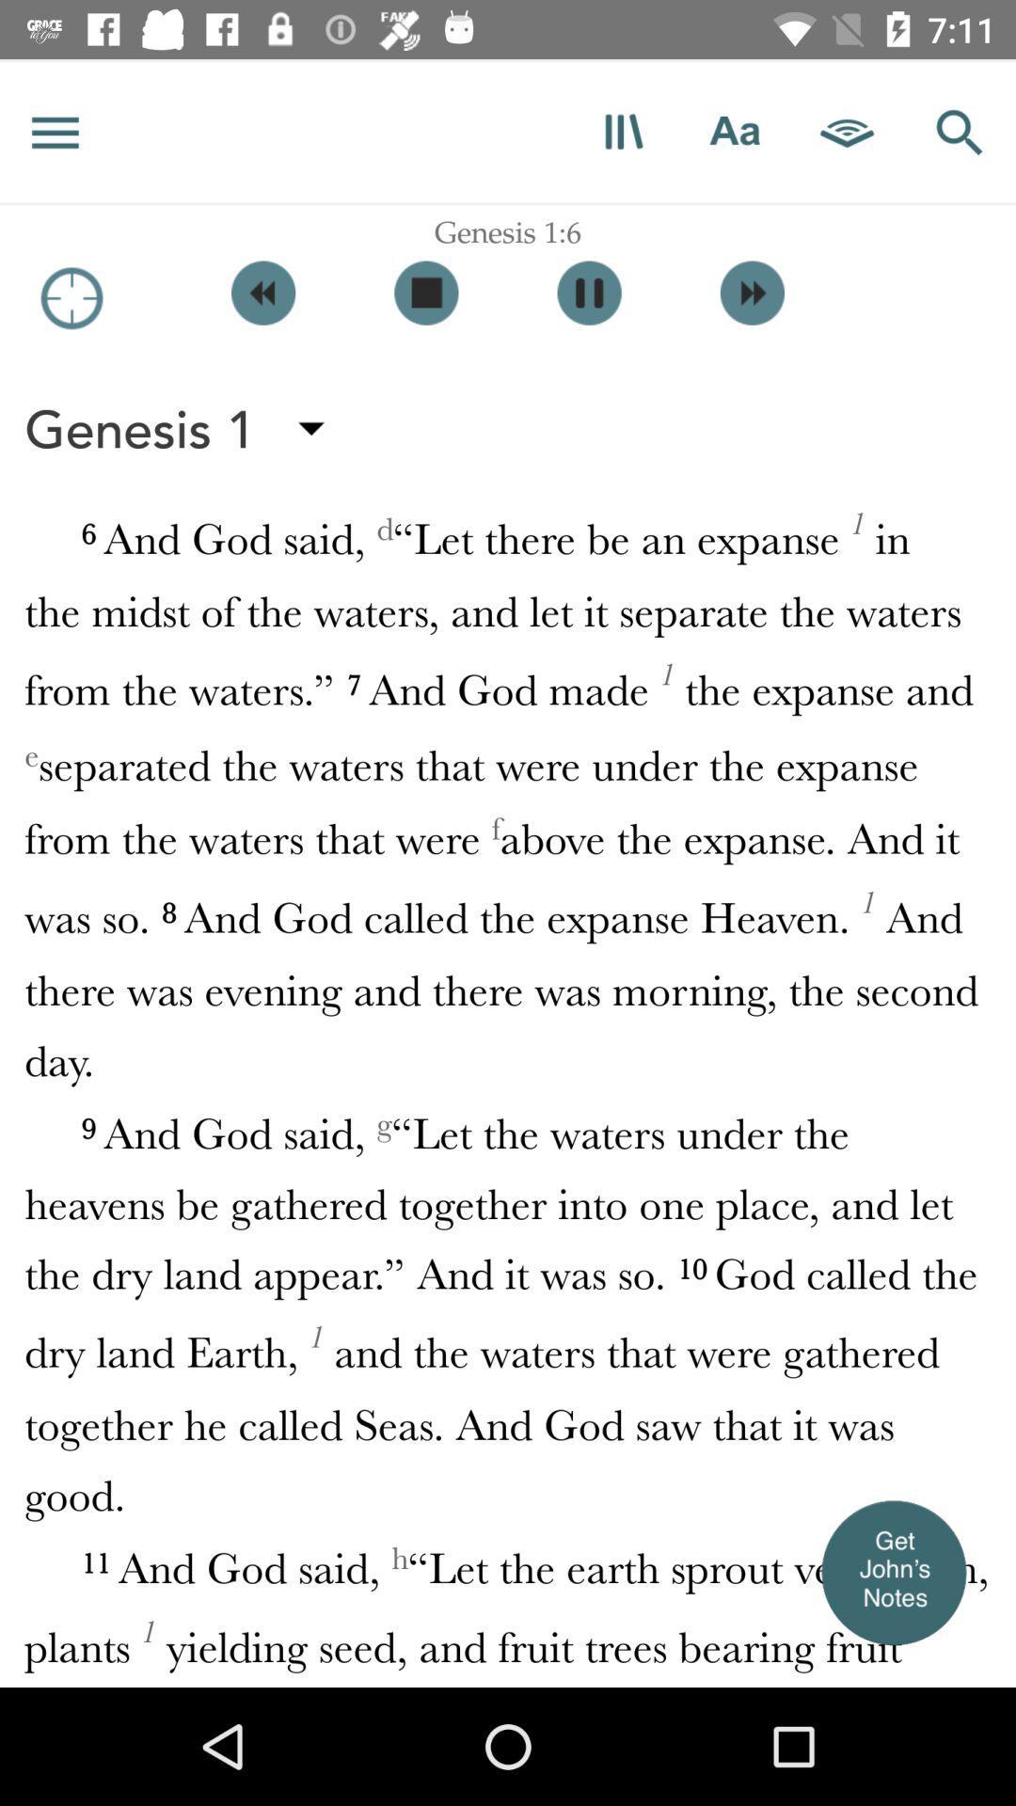 This screenshot has width=1016, height=1806. I want to click on open up author 's notes, so click(892, 1572).